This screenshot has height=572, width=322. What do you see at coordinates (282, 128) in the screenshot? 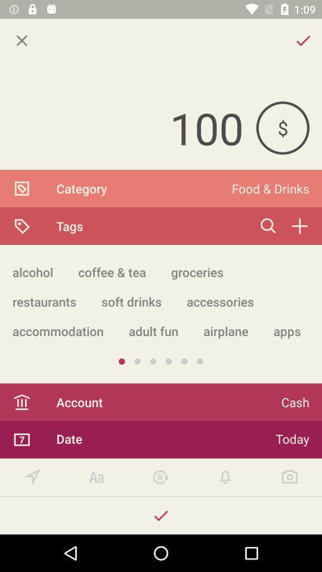
I see `the icon to the right of the 100 item` at bounding box center [282, 128].